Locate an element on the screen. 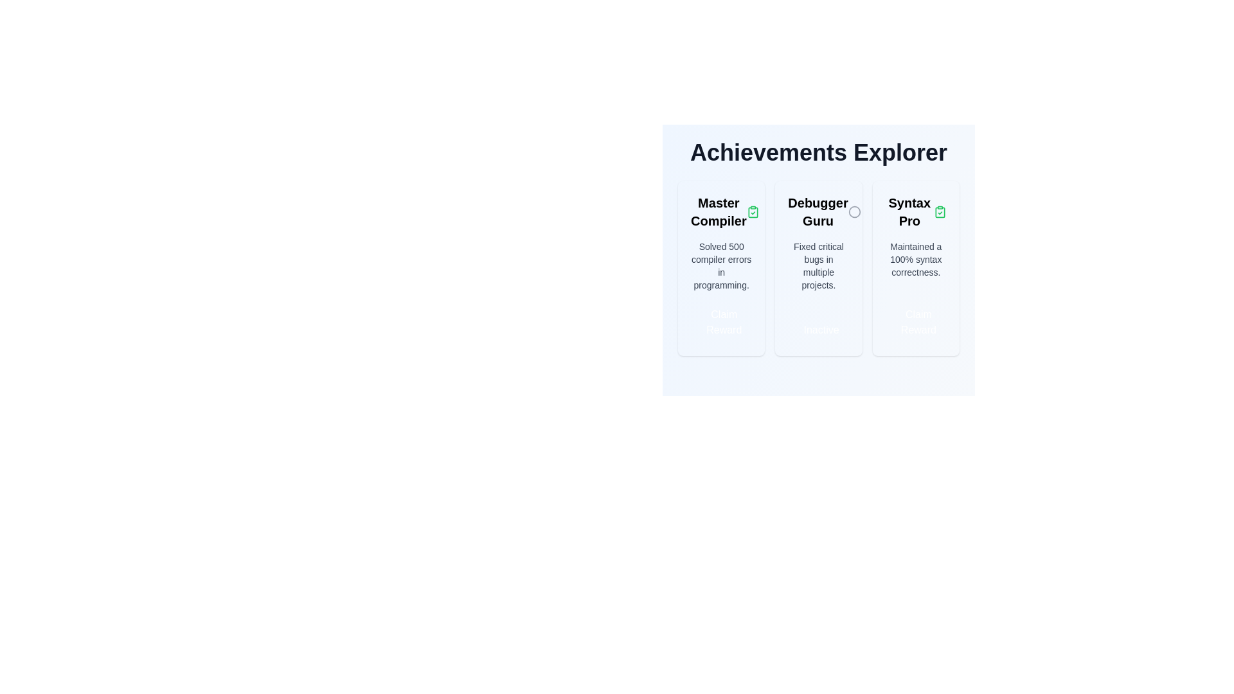 The height and width of the screenshot is (694, 1234). the Static text heading for the 'Syntax Pro' achievement card, which is located at the top segment of the rightmost card in the achievements section is located at coordinates (915, 211).